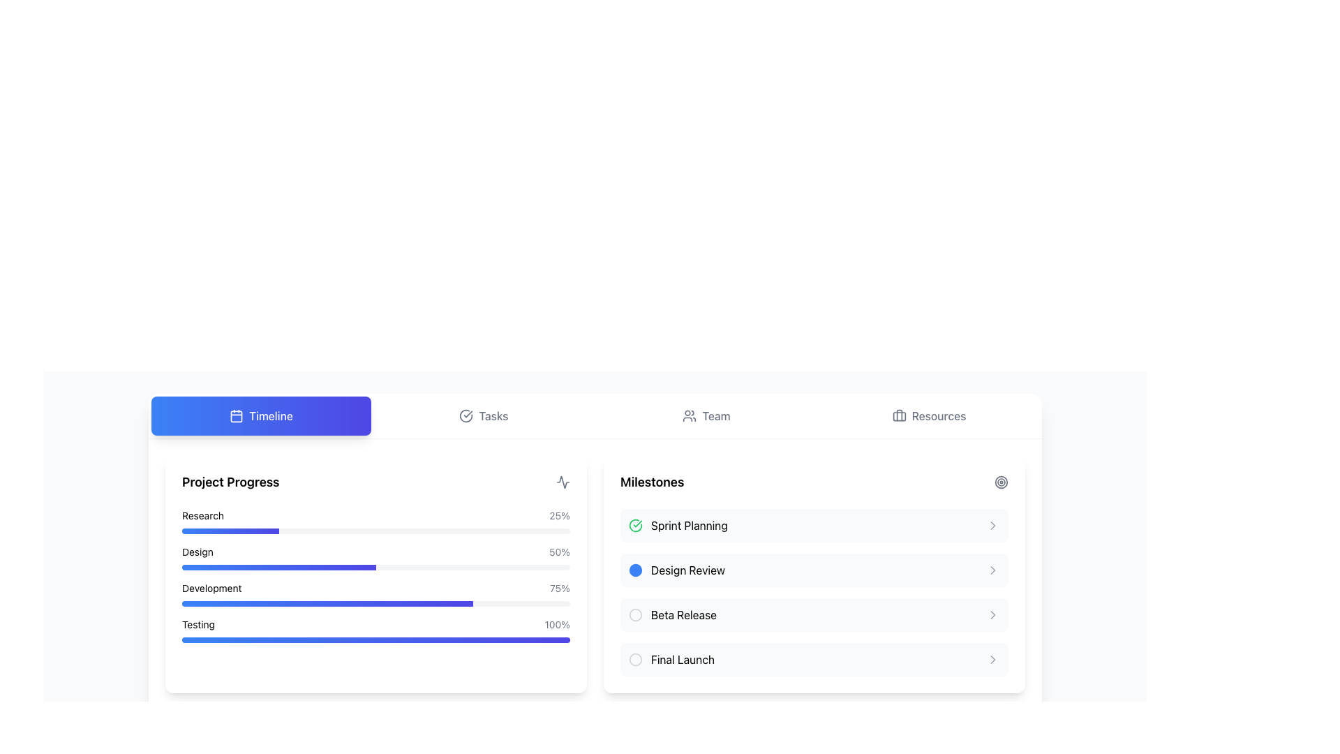 This screenshot has width=1340, height=754. What do you see at coordinates (651, 481) in the screenshot?
I see `text displayed in the 'Milestones' text label, which is bold and larger in font size, located at the top-right quadrant of the interface` at bounding box center [651, 481].